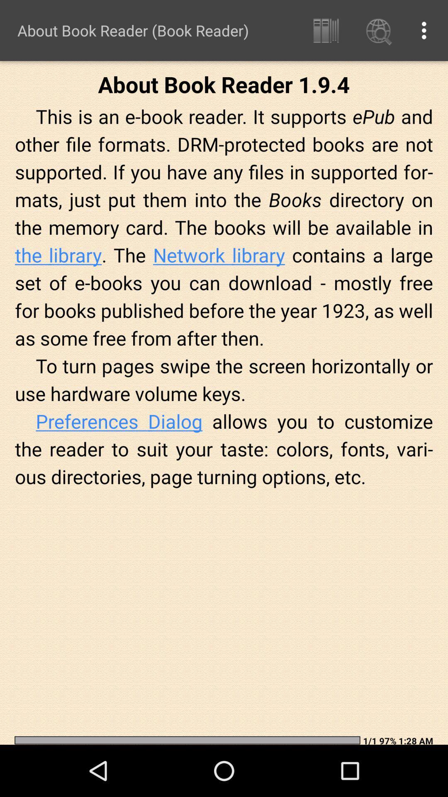 The width and height of the screenshot is (448, 797). I want to click on about book reader app, so click(132, 30).